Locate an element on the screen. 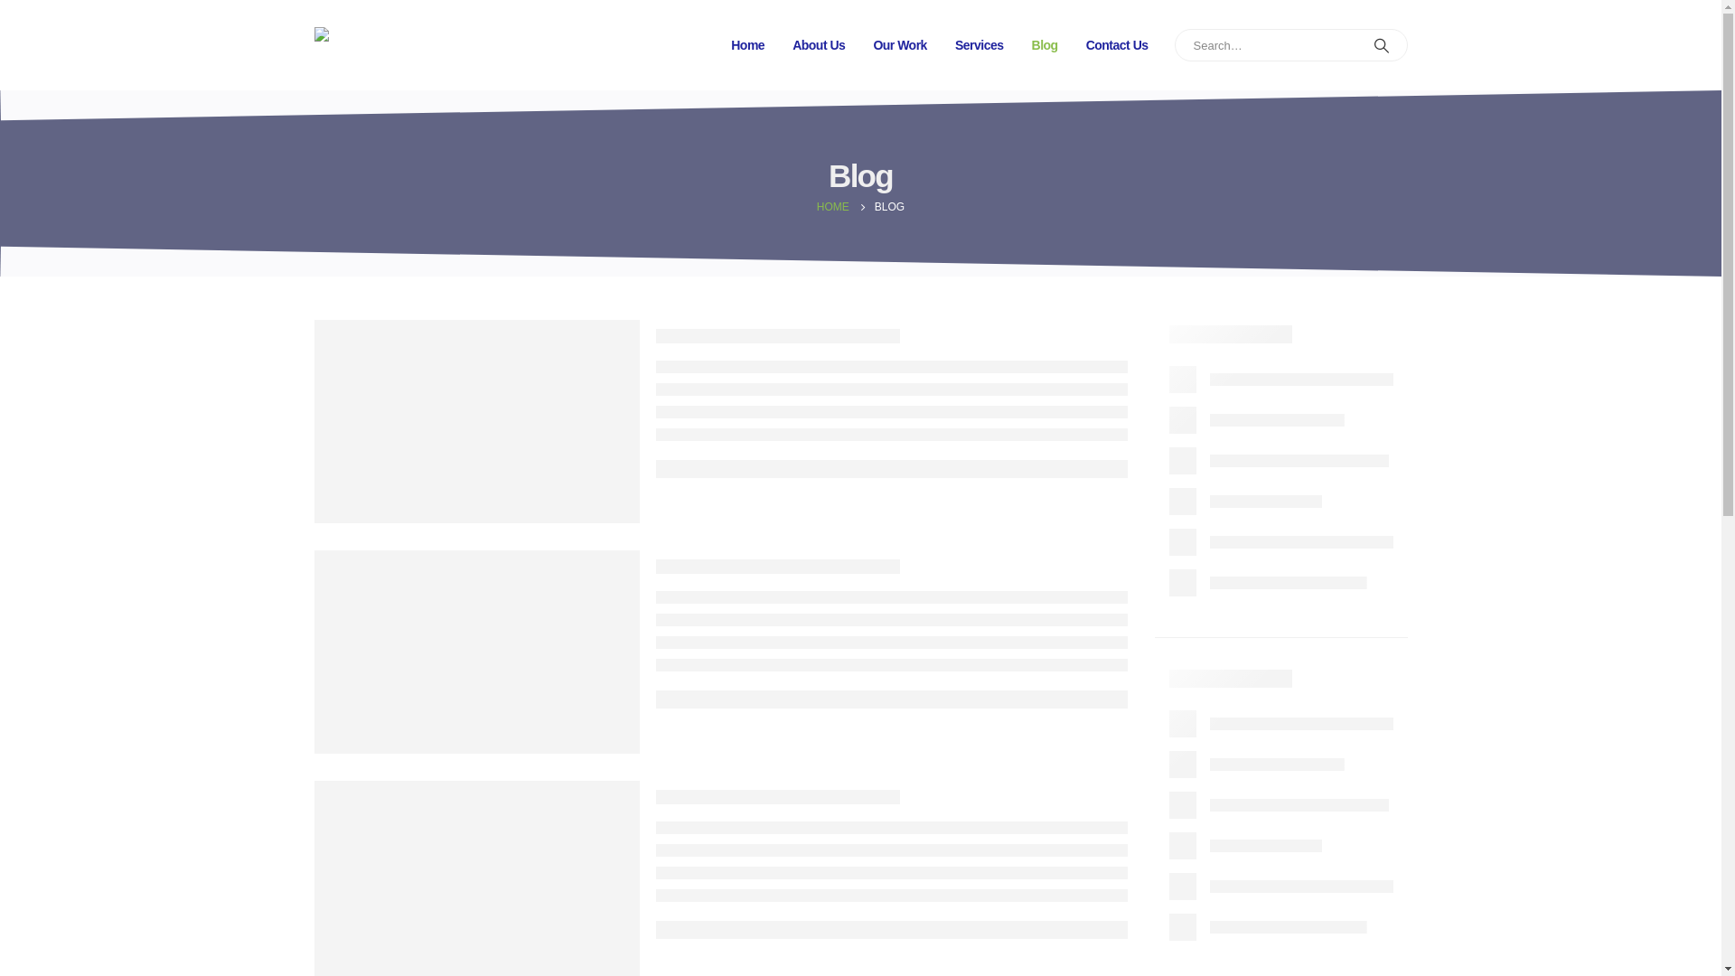  'Home' is located at coordinates (747, 44).